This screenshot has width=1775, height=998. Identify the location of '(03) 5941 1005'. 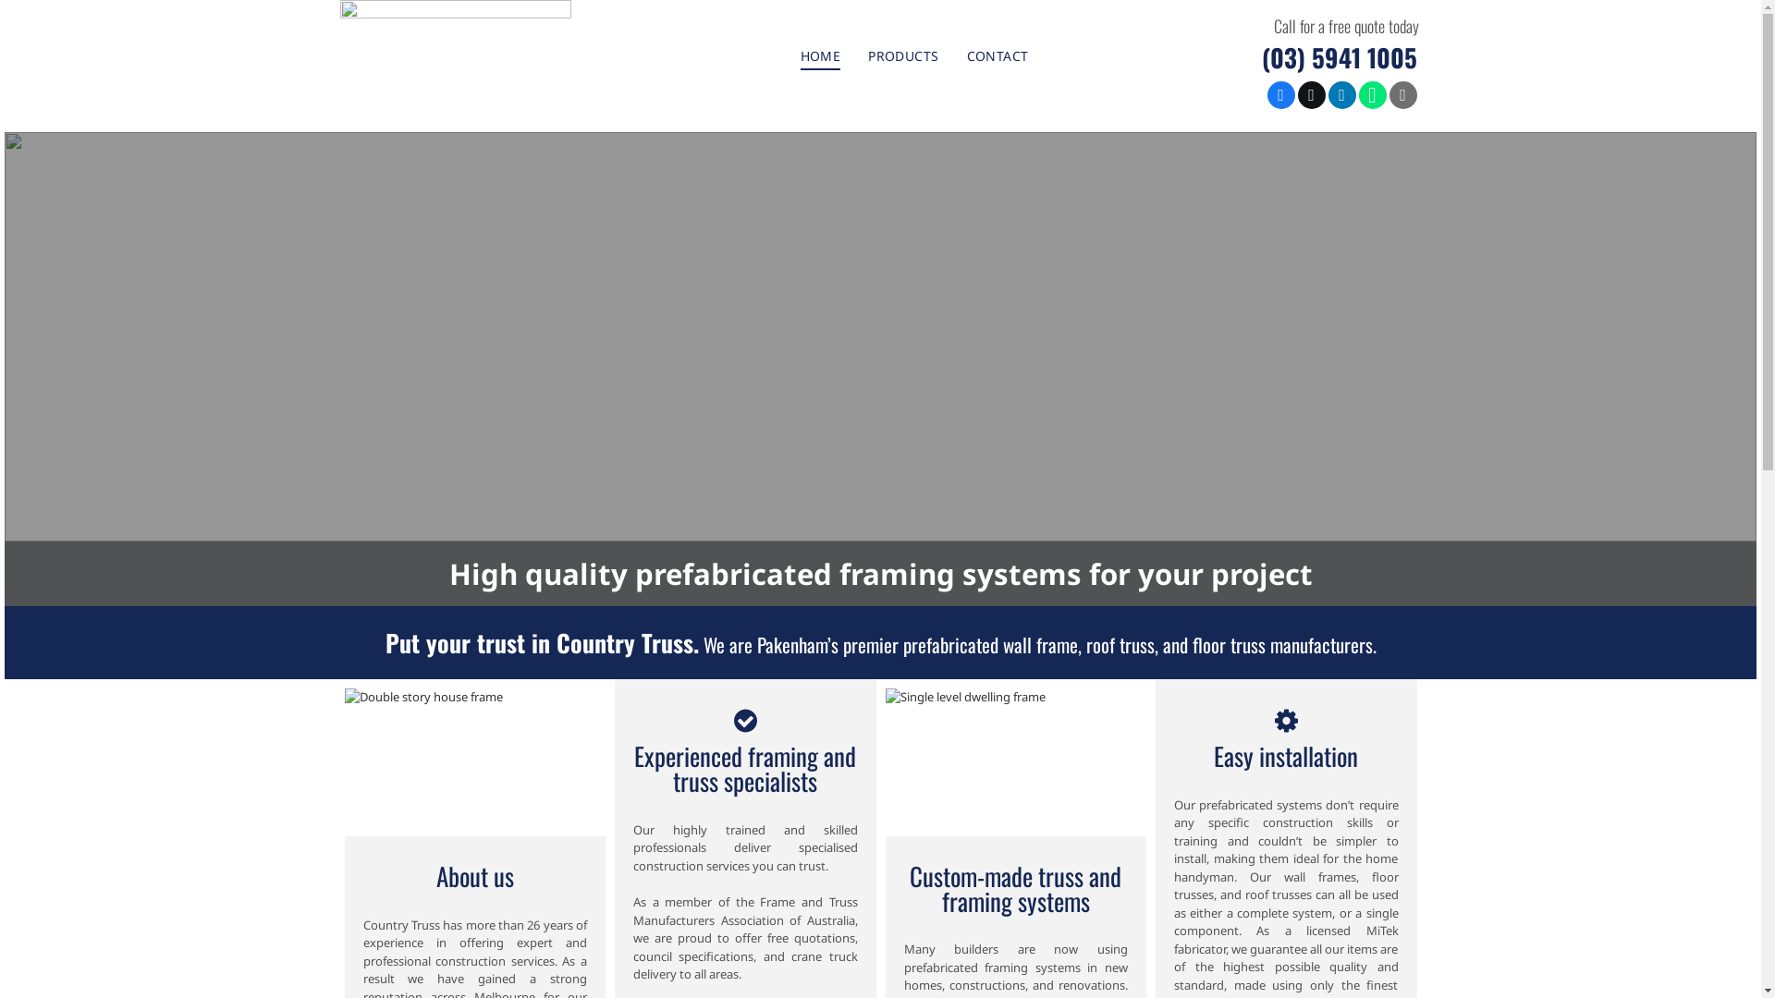
(1339, 55).